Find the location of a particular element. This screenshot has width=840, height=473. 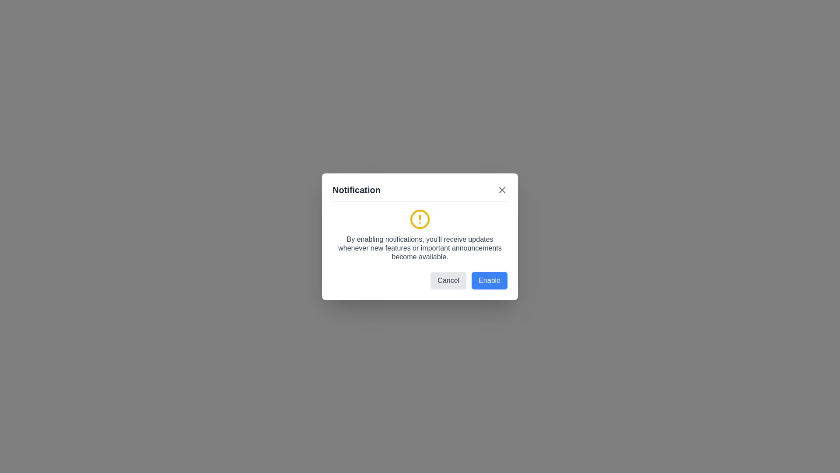

the 'Enable' button to enable notifications is located at coordinates (489, 280).